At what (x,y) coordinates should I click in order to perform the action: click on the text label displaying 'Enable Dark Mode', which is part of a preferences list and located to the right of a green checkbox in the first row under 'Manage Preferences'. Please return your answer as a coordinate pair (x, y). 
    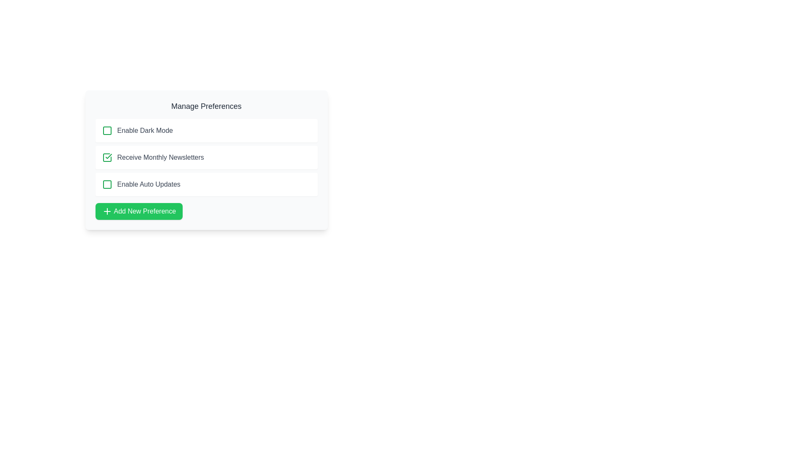
    Looking at the image, I should click on (145, 131).